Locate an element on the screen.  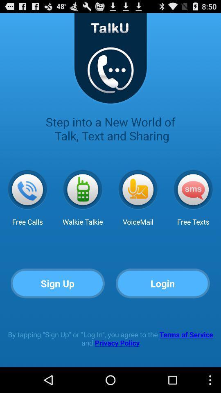
button next to the sign up item is located at coordinates (163, 284).